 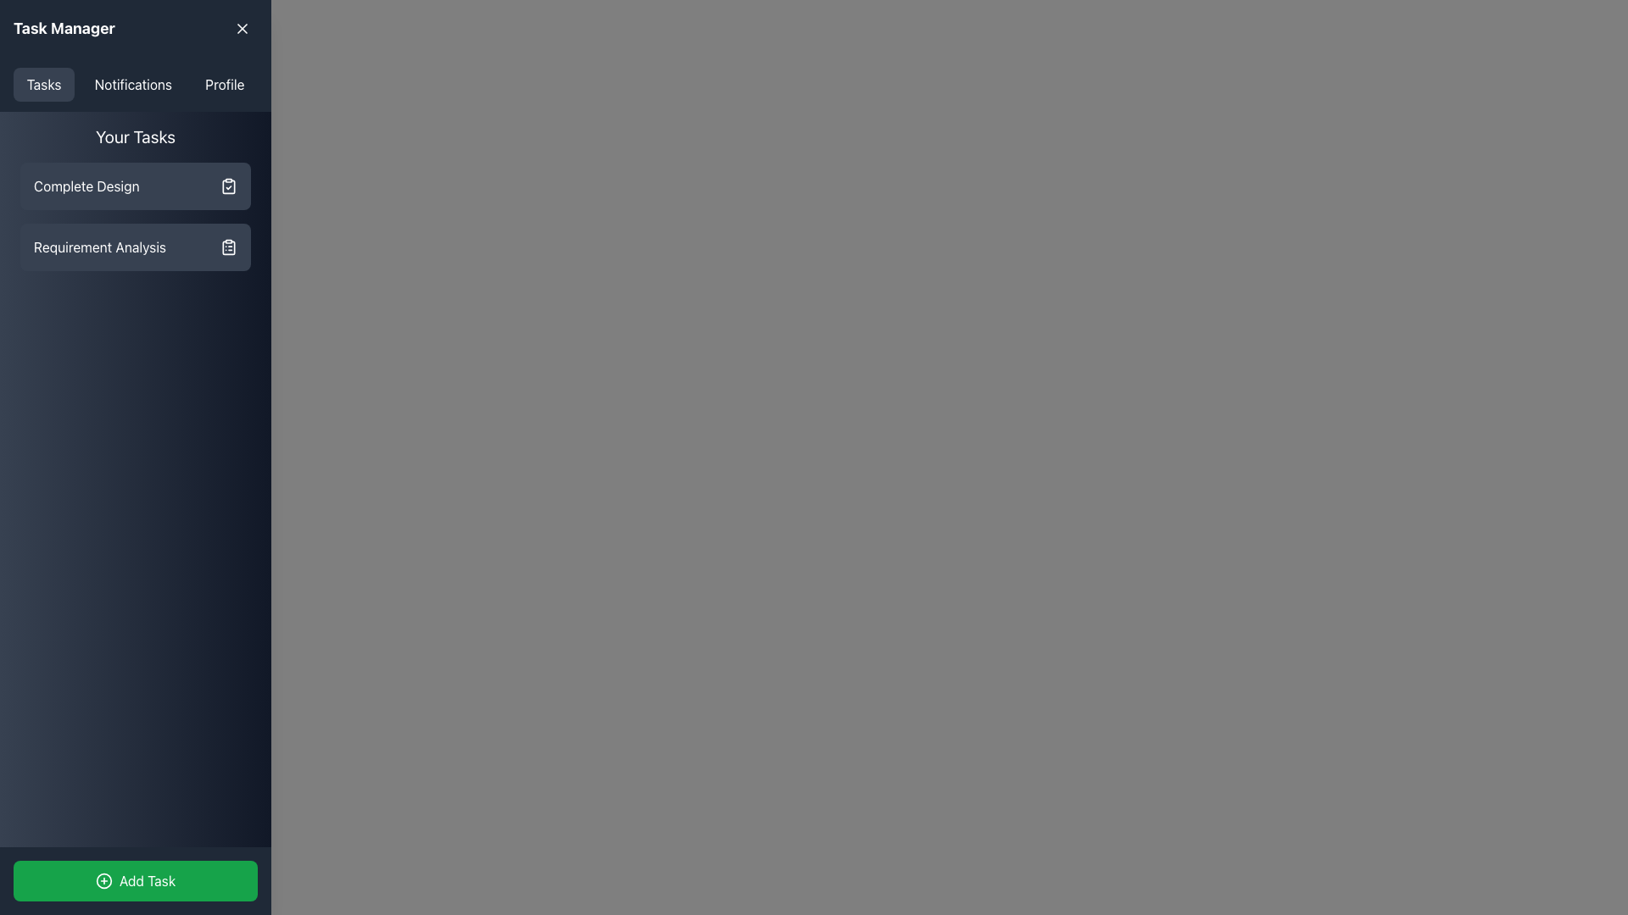 What do you see at coordinates (64, 29) in the screenshot?
I see `the 'Task Manager' text label, which is a bold and large font styled in white on a dark background, located in the top-left corner of the sidebar interface` at bounding box center [64, 29].